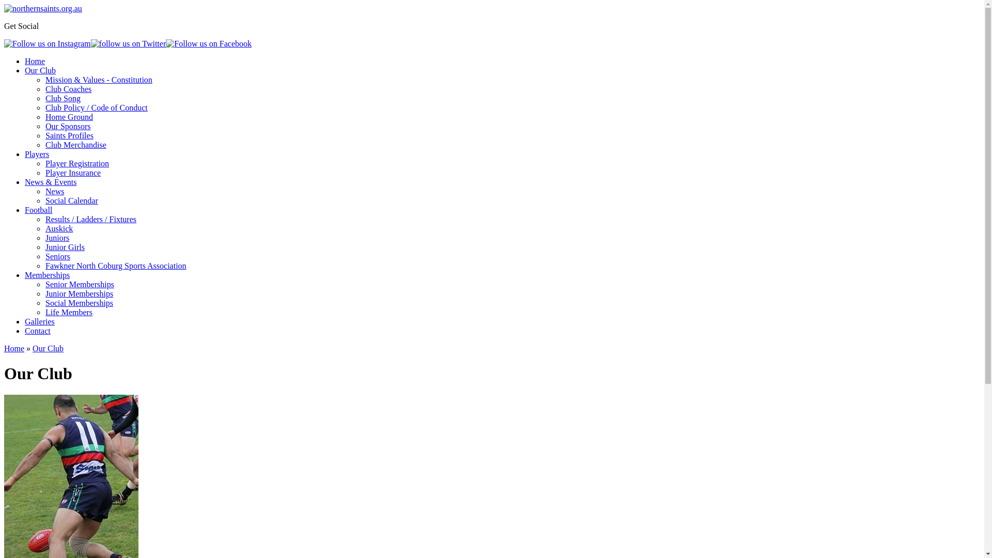 The height and width of the screenshot is (558, 992). I want to click on 'Junior Memberships', so click(79, 293).